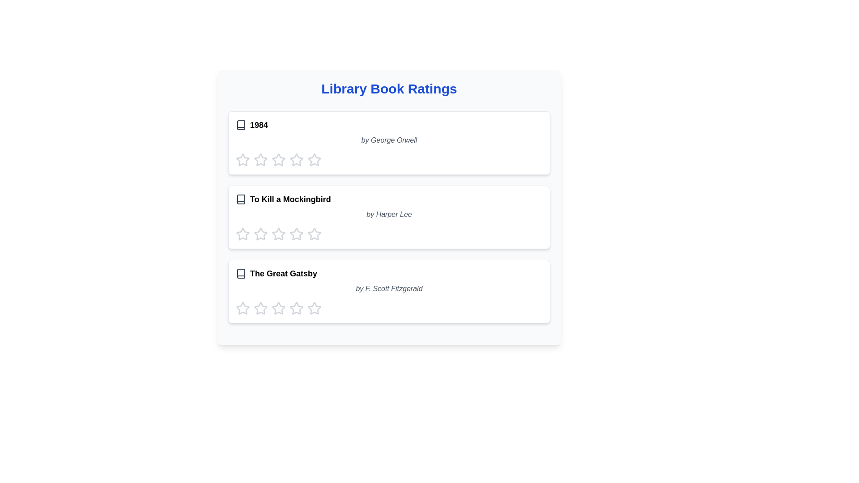 This screenshot has height=483, width=859. What do you see at coordinates (296, 308) in the screenshot?
I see `the third star icon for rating the book 'The Great Gatsby'` at bounding box center [296, 308].